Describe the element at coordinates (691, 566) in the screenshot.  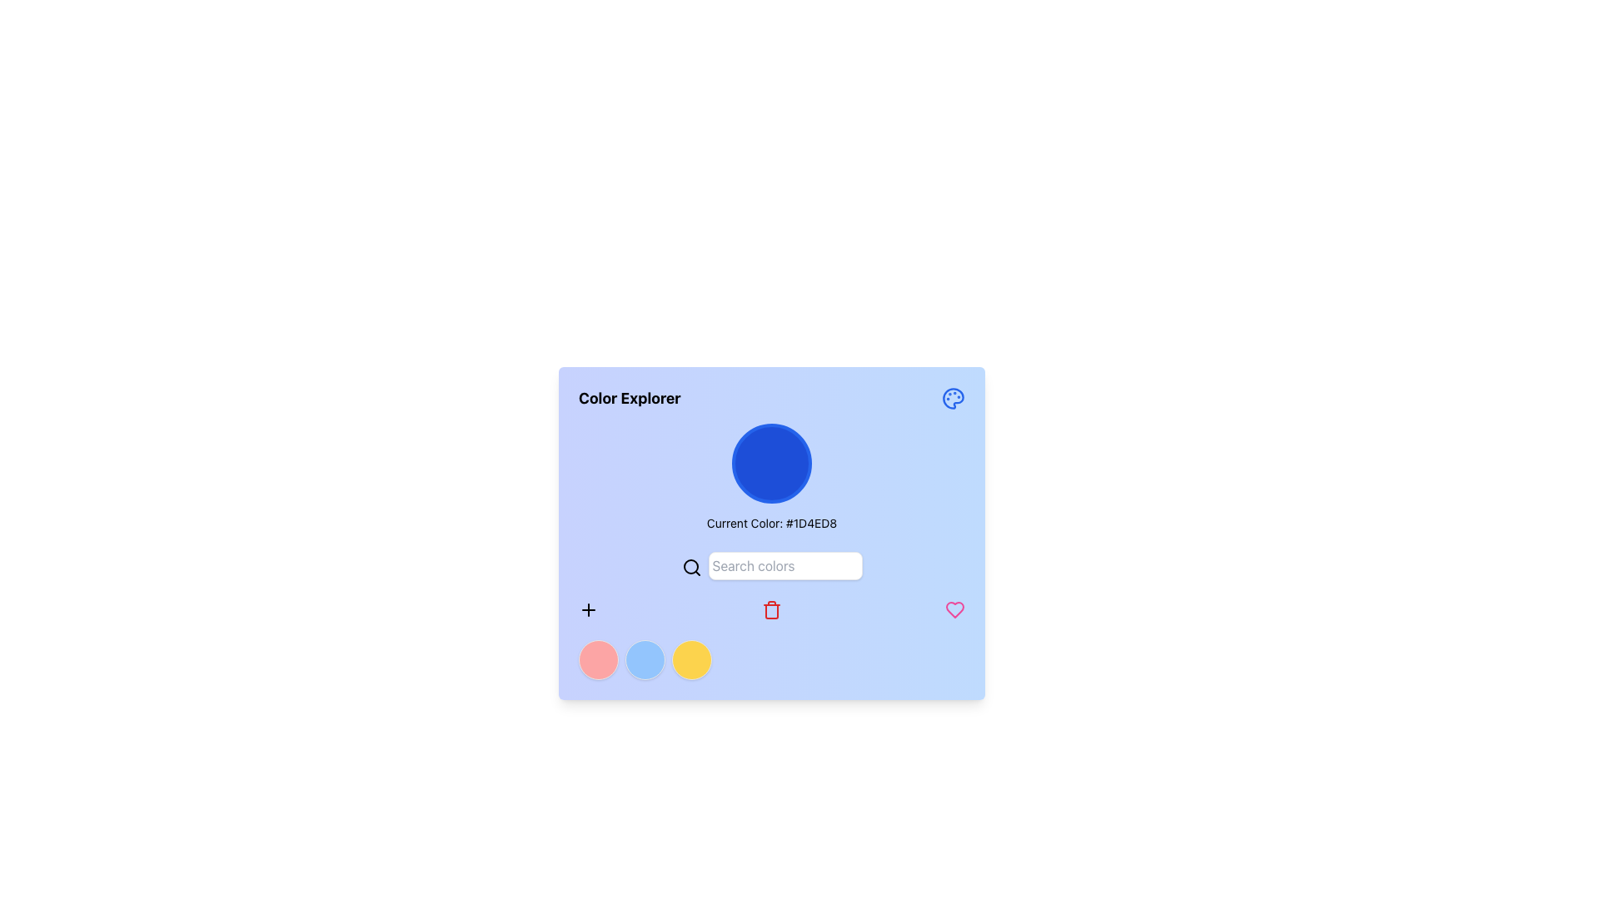
I see `the search icon located to the left of the input field to initiate the search operation` at that location.